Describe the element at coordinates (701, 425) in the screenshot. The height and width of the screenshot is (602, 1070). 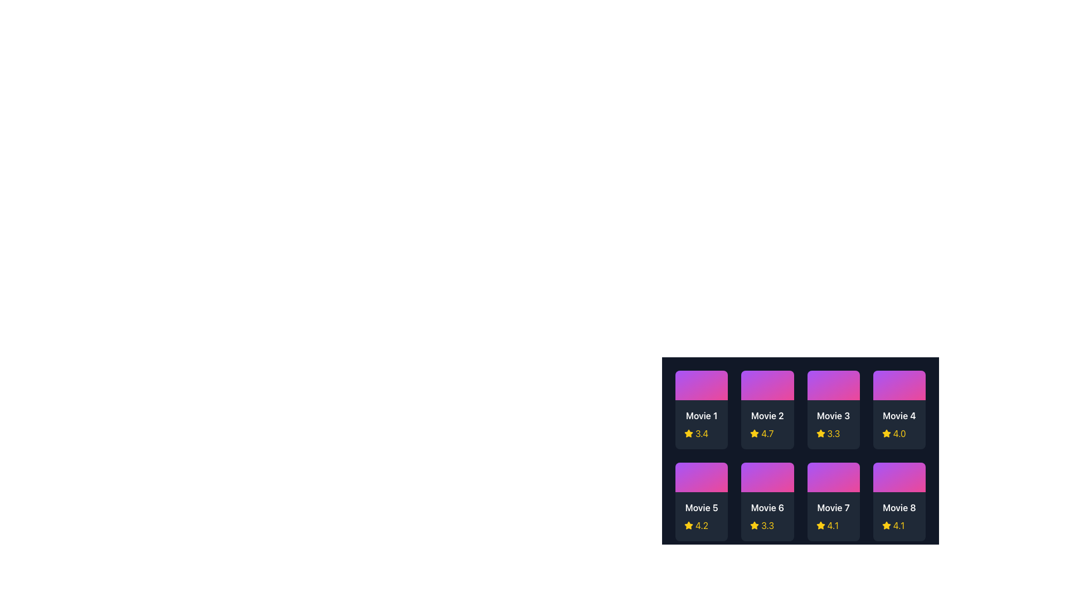
I see `the Information card titled 'Movie 1' that features a yellow star icon and a rating of '3.4' in a dark blue rectangle` at that location.